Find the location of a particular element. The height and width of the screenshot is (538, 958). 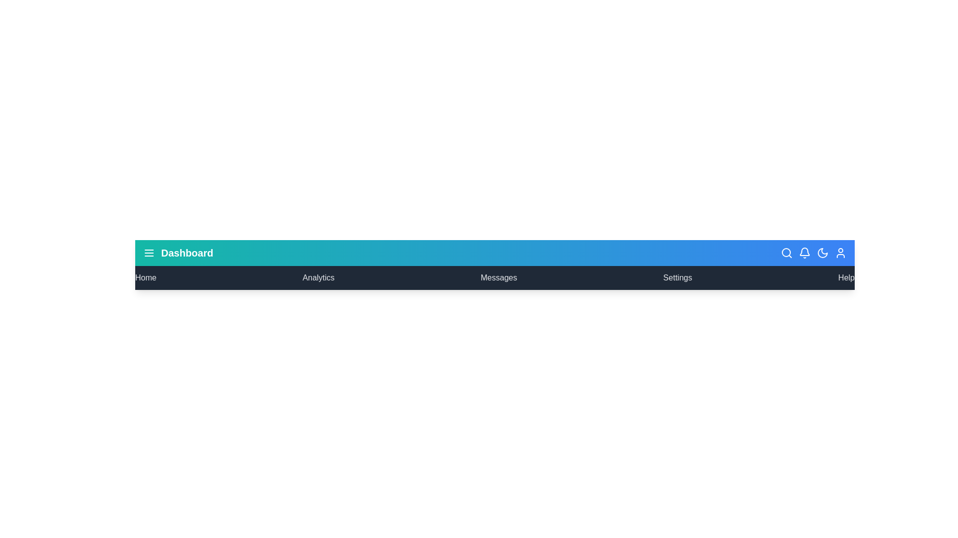

the menu item Settings to navigate to the respective section is located at coordinates (678, 278).